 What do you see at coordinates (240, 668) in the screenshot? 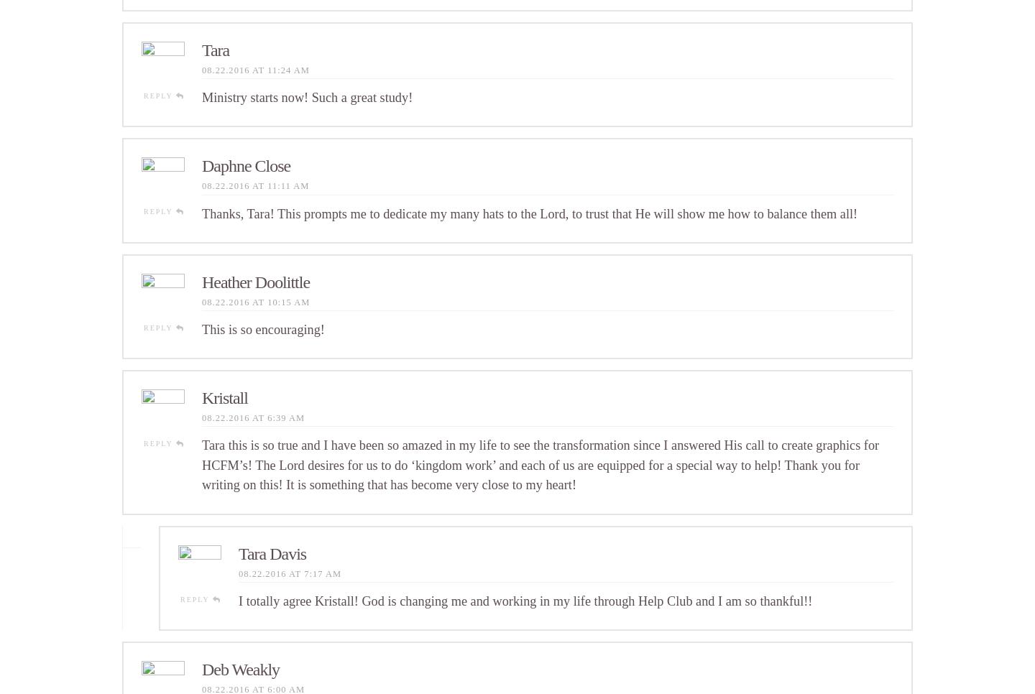
I see `'Deb Weakly'` at bounding box center [240, 668].